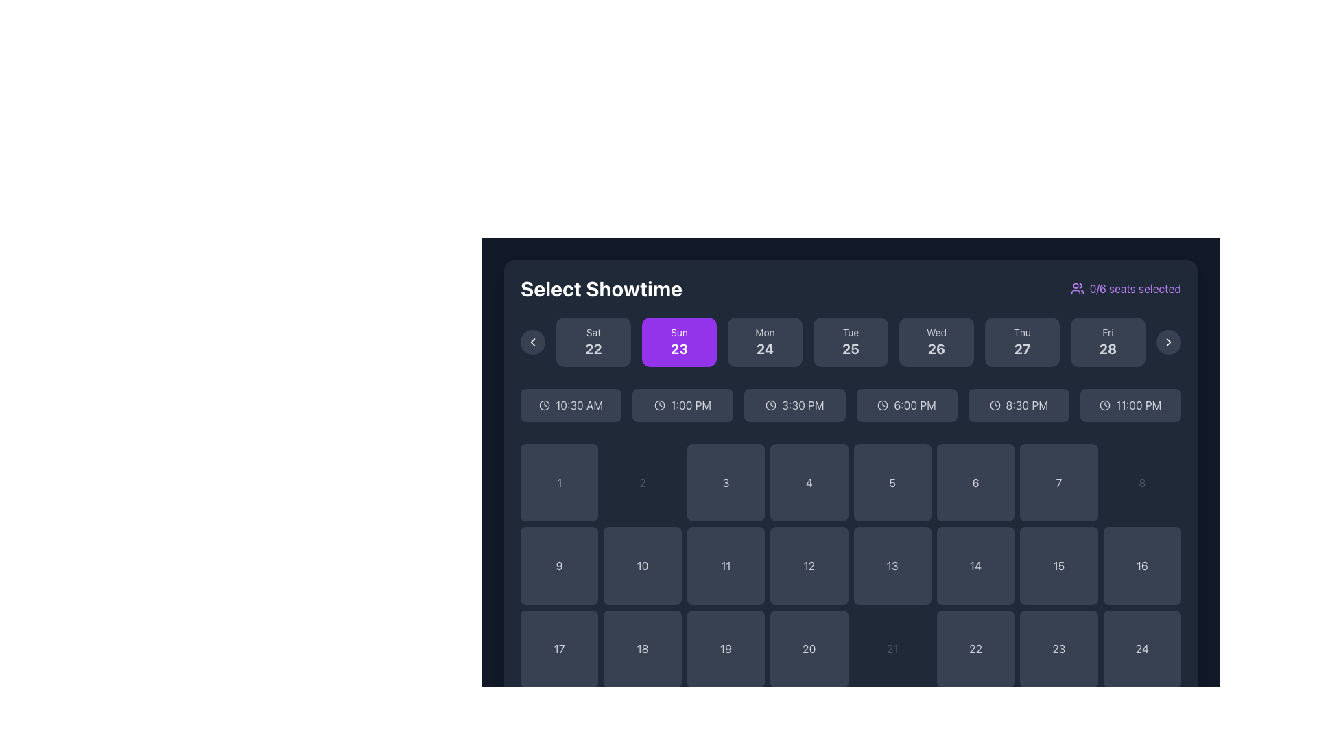 This screenshot has width=1317, height=741. What do you see at coordinates (1076, 287) in the screenshot?
I see `the user account or seat selection icon located in the top-right corner of the interface, which precedes the text '0/6 seats selected'` at bounding box center [1076, 287].